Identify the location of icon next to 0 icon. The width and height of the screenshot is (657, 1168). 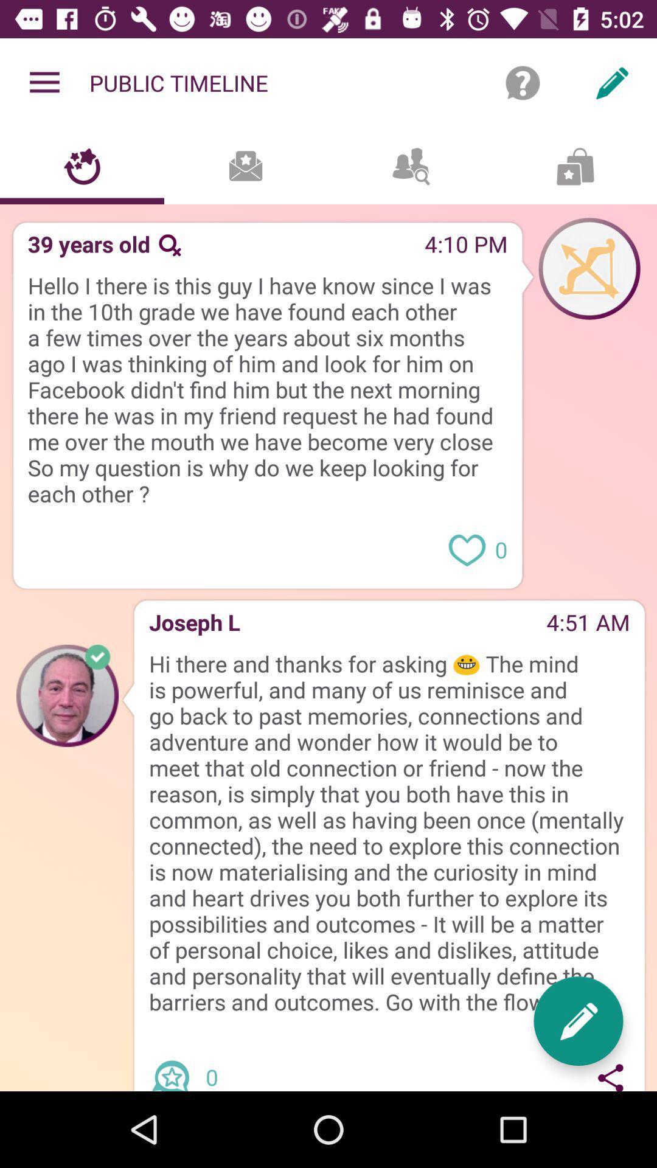
(578, 1021).